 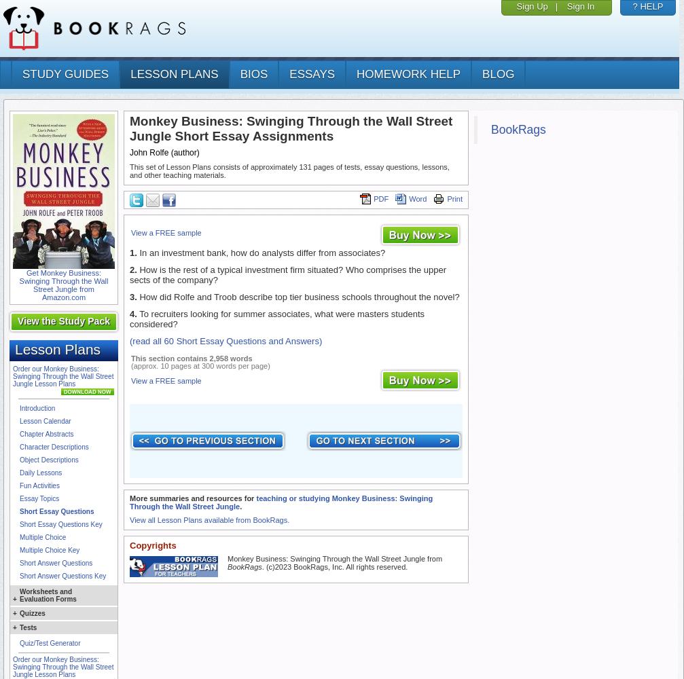 What do you see at coordinates (57, 349) in the screenshot?
I see `'Lesson Plans'` at bounding box center [57, 349].